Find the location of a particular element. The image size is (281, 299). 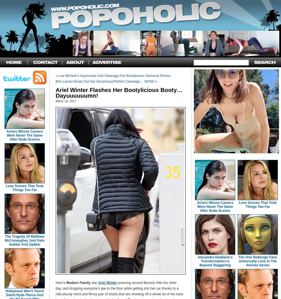

'The One Redesign Fans Universally Love In The Ahsoka Series' is located at coordinates (238, 261).